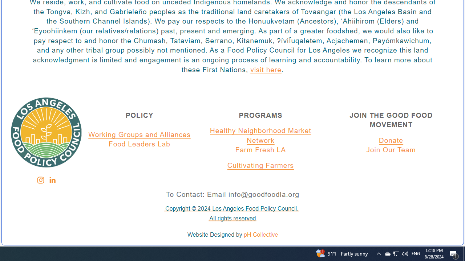 The image size is (465, 261). What do you see at coordinates (40, 180) in the screenshot?
I see `'Instagram'` at bounding box center [40, 180].